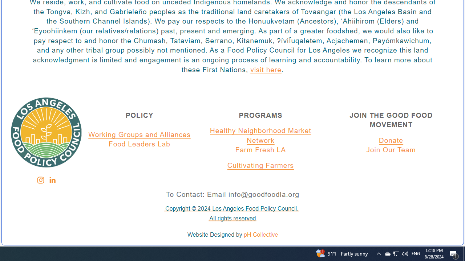 The image size is (465, 261). What do you see at coordinates (40, 180) in the screenshot?
I see `'Instagram'` at bounding box center [40, 180].